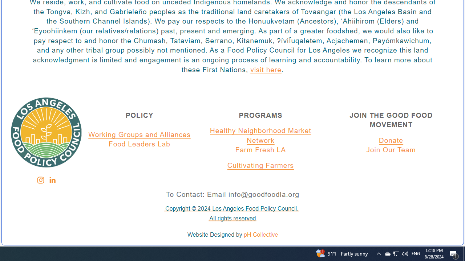 The image size is (465, 261). What do you see at coordinates (40, 180) in the screenshot?
I see `'Instagram'` at bounding box center [40, 180].